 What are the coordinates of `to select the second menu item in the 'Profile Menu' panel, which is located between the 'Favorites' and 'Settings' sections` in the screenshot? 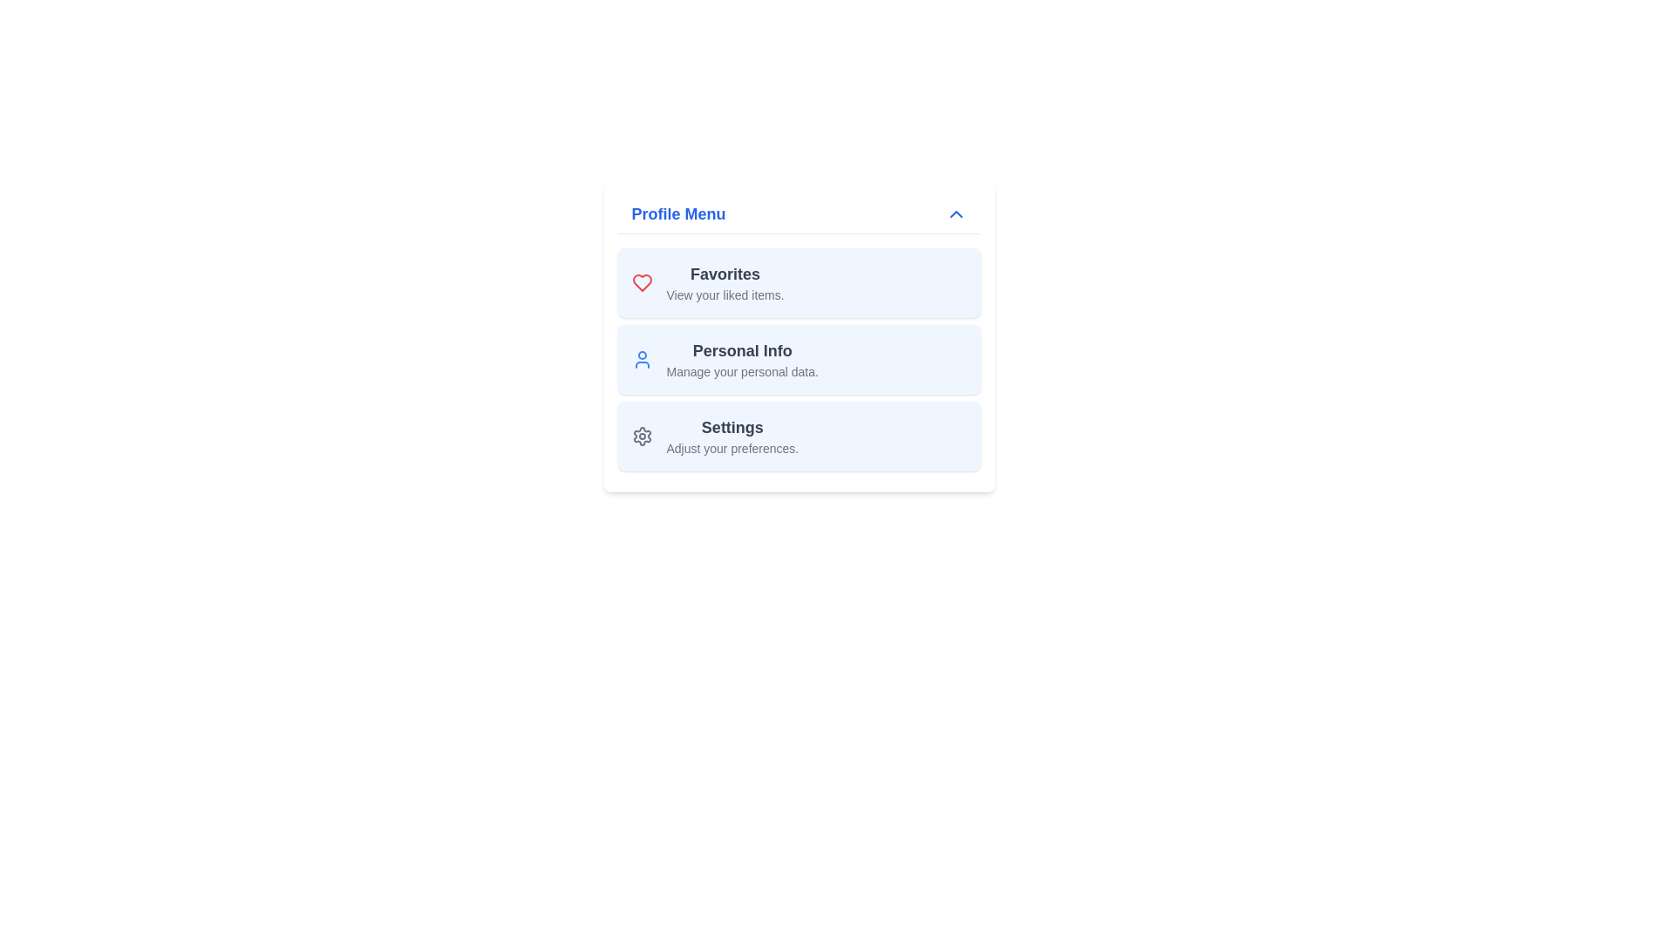 It's located at (798, 336).